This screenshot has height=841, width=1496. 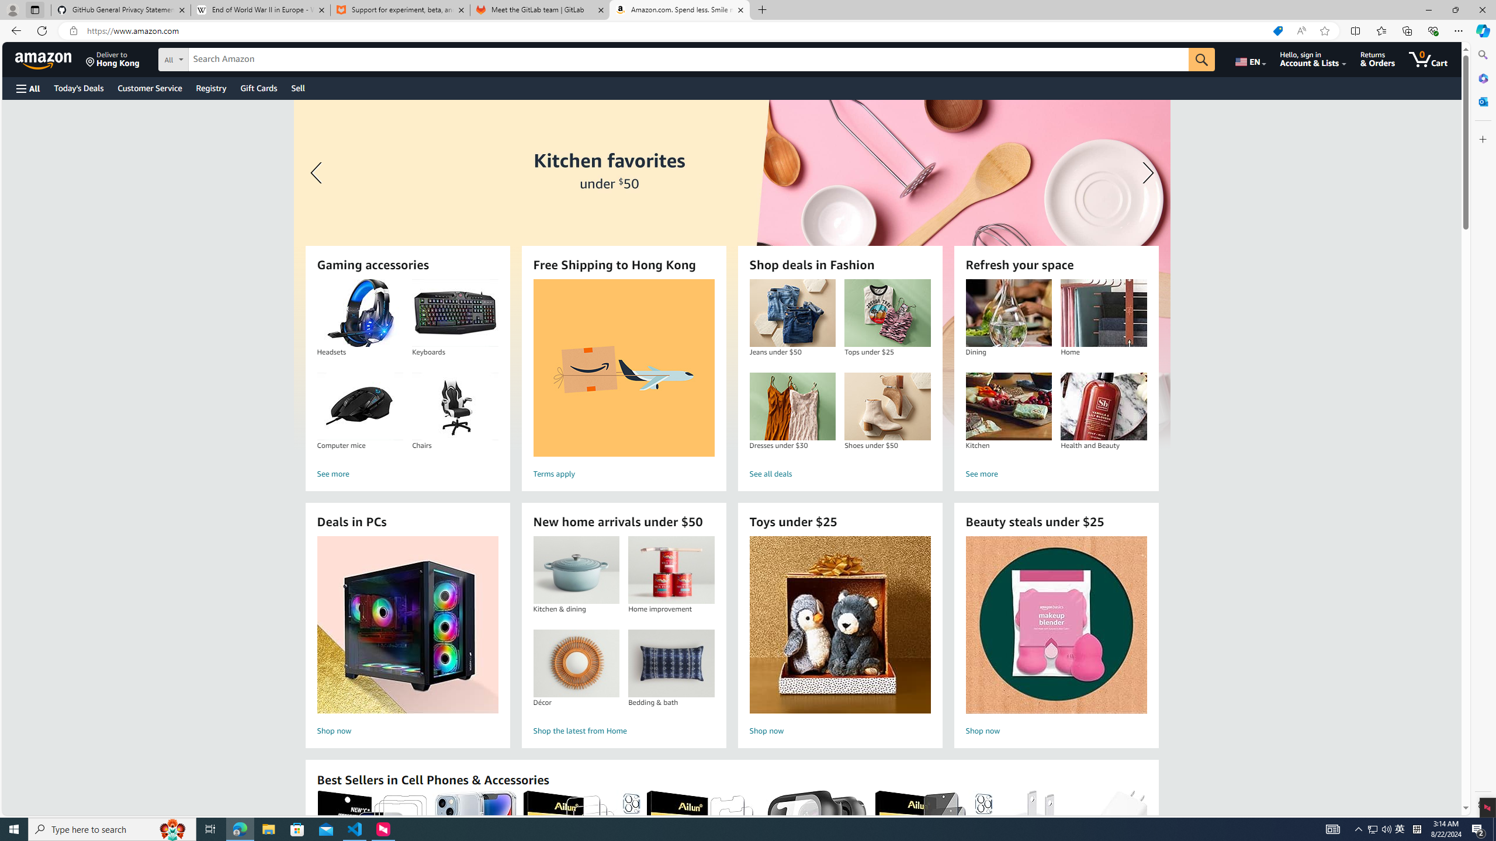 I want to click on 'Kitchen', so click(x=1007, y=406).